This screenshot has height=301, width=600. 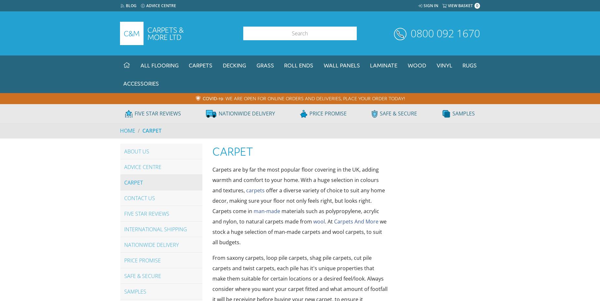 What do you see at coordinates (139, 65) in the screenshot?
I see `'All Flooring'` at bounding box center [139, 65].